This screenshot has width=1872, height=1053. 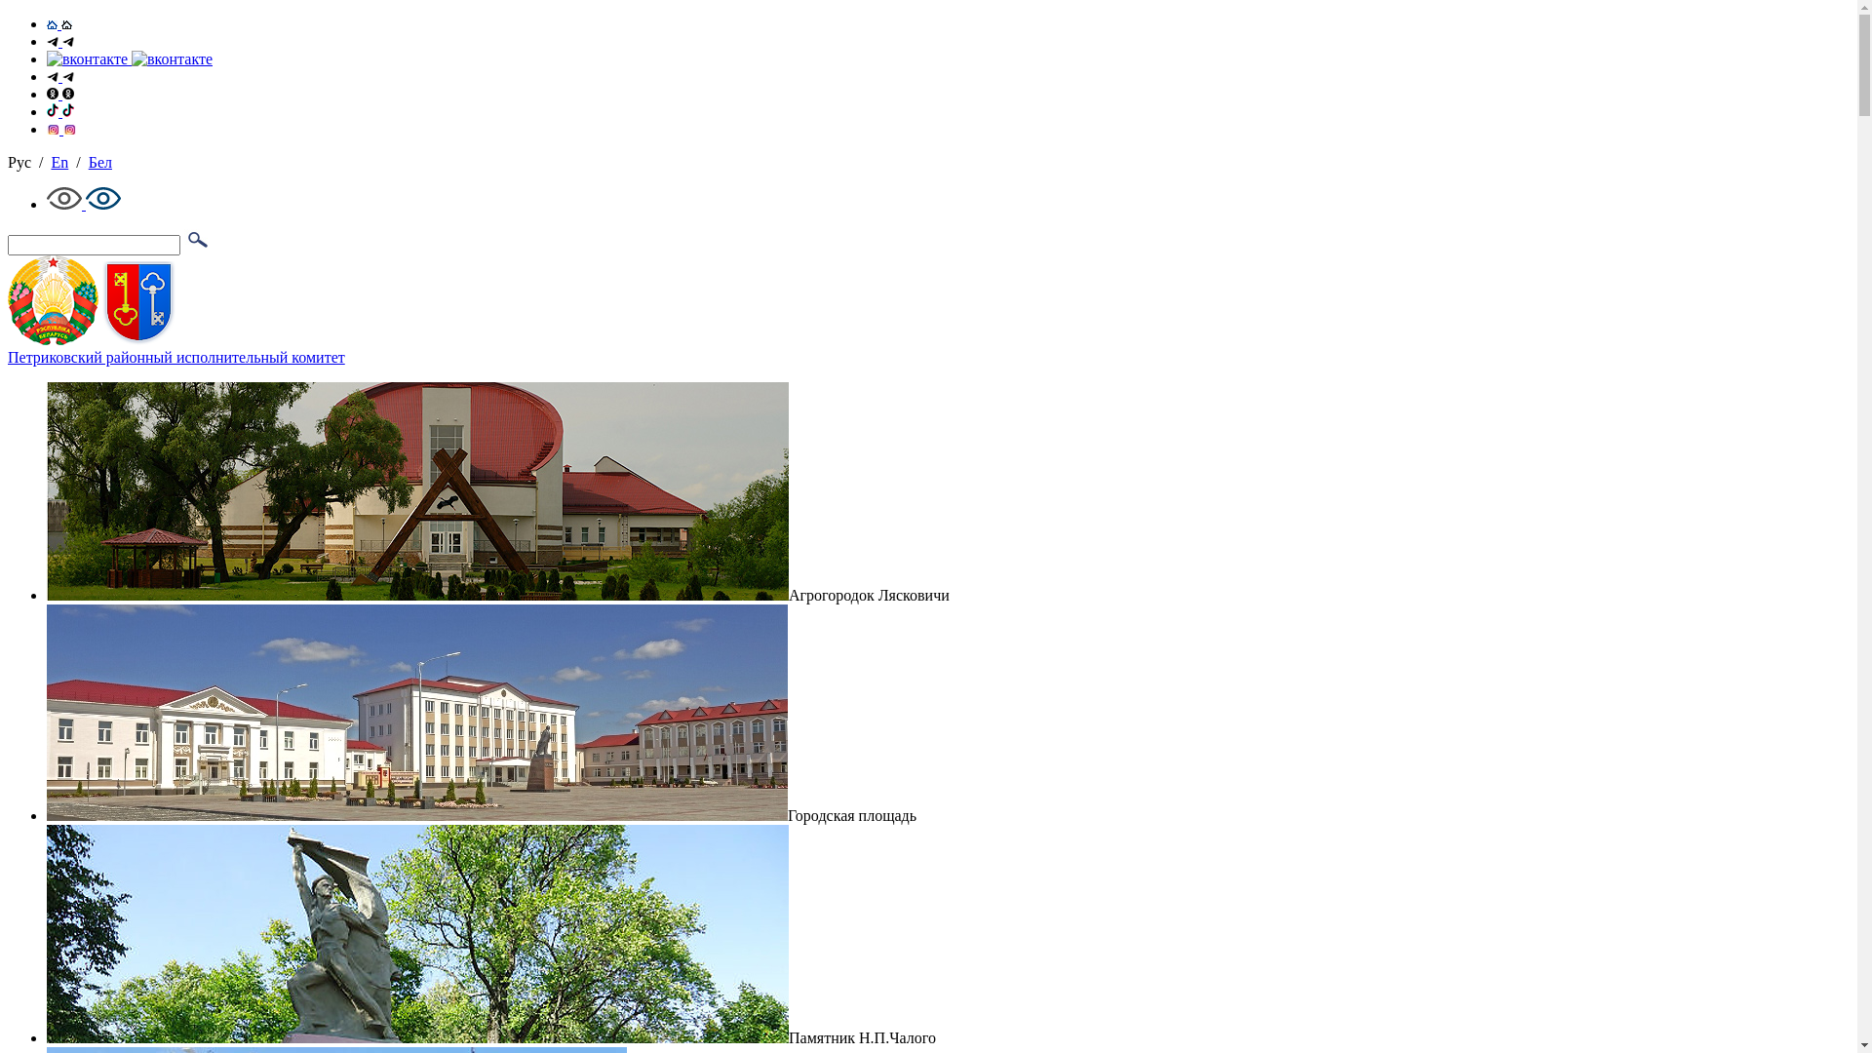 I want to click on 'Instagram', so click(x=60, y=129).